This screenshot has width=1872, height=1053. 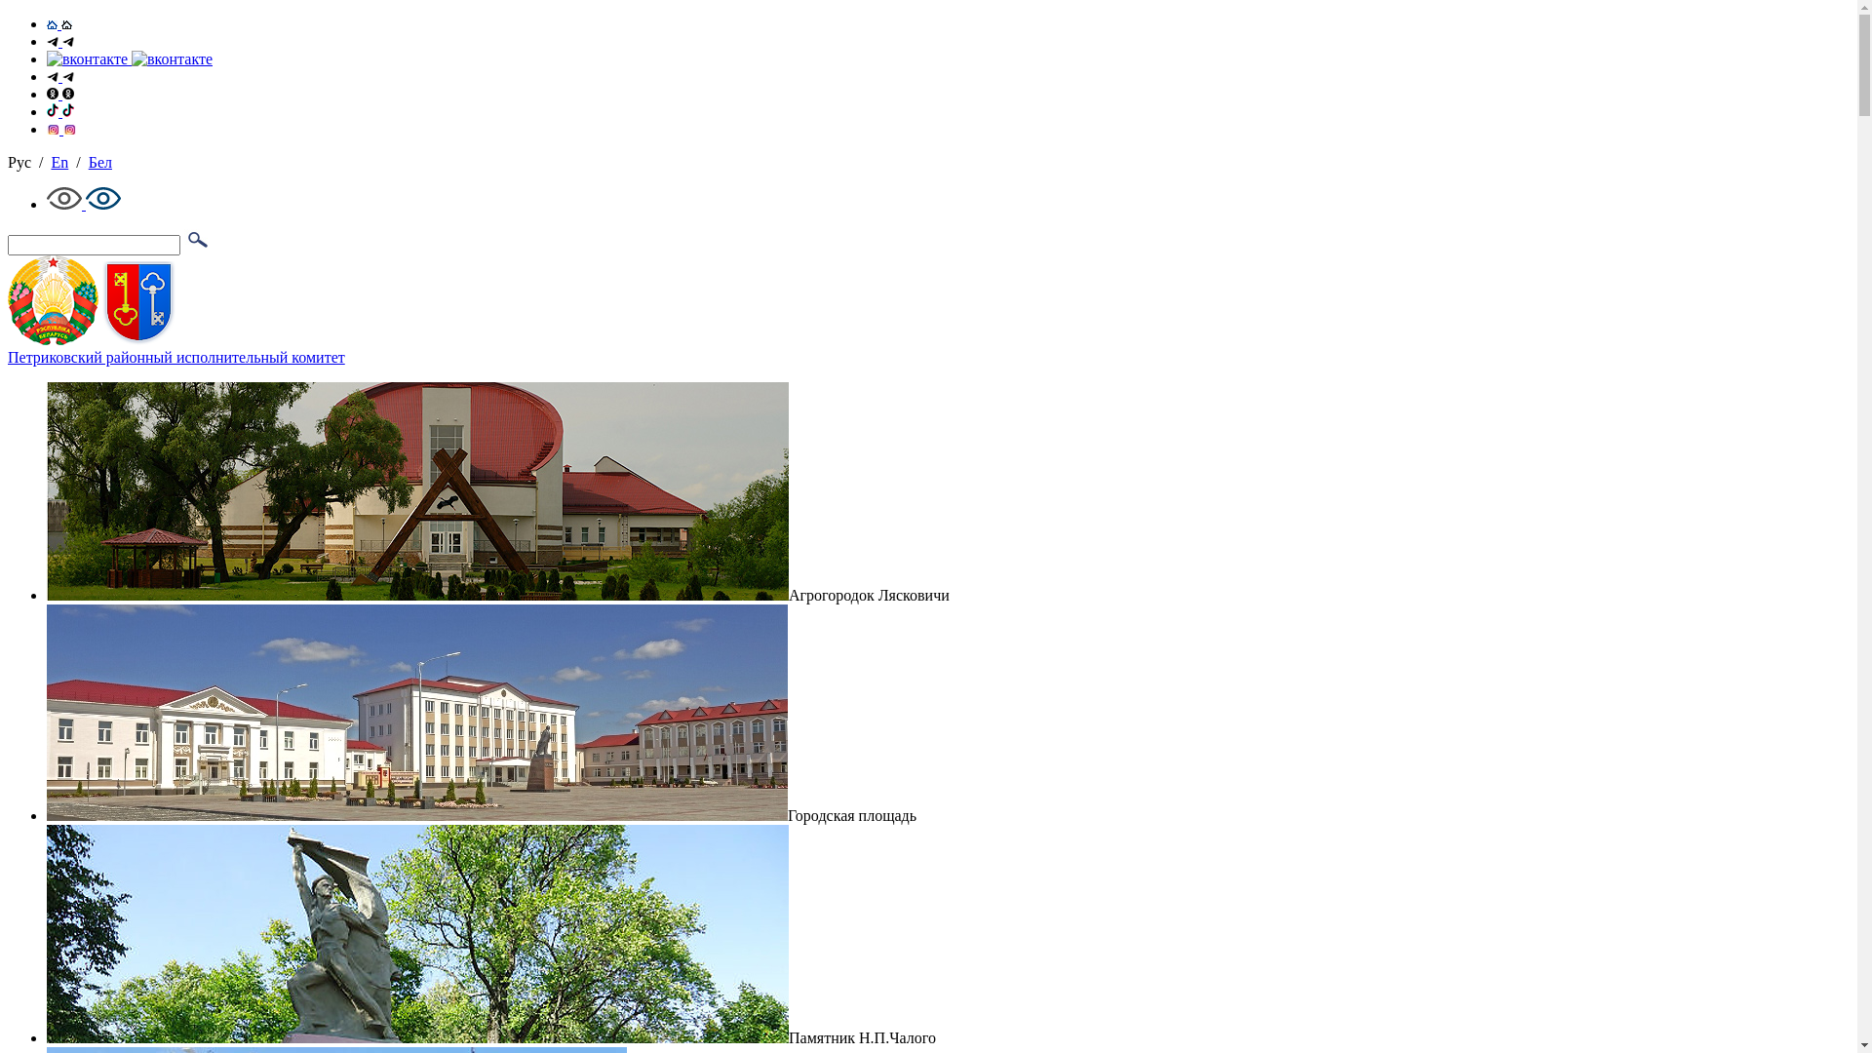 I want to click on 'Instagram', so click(x=60, y=129).